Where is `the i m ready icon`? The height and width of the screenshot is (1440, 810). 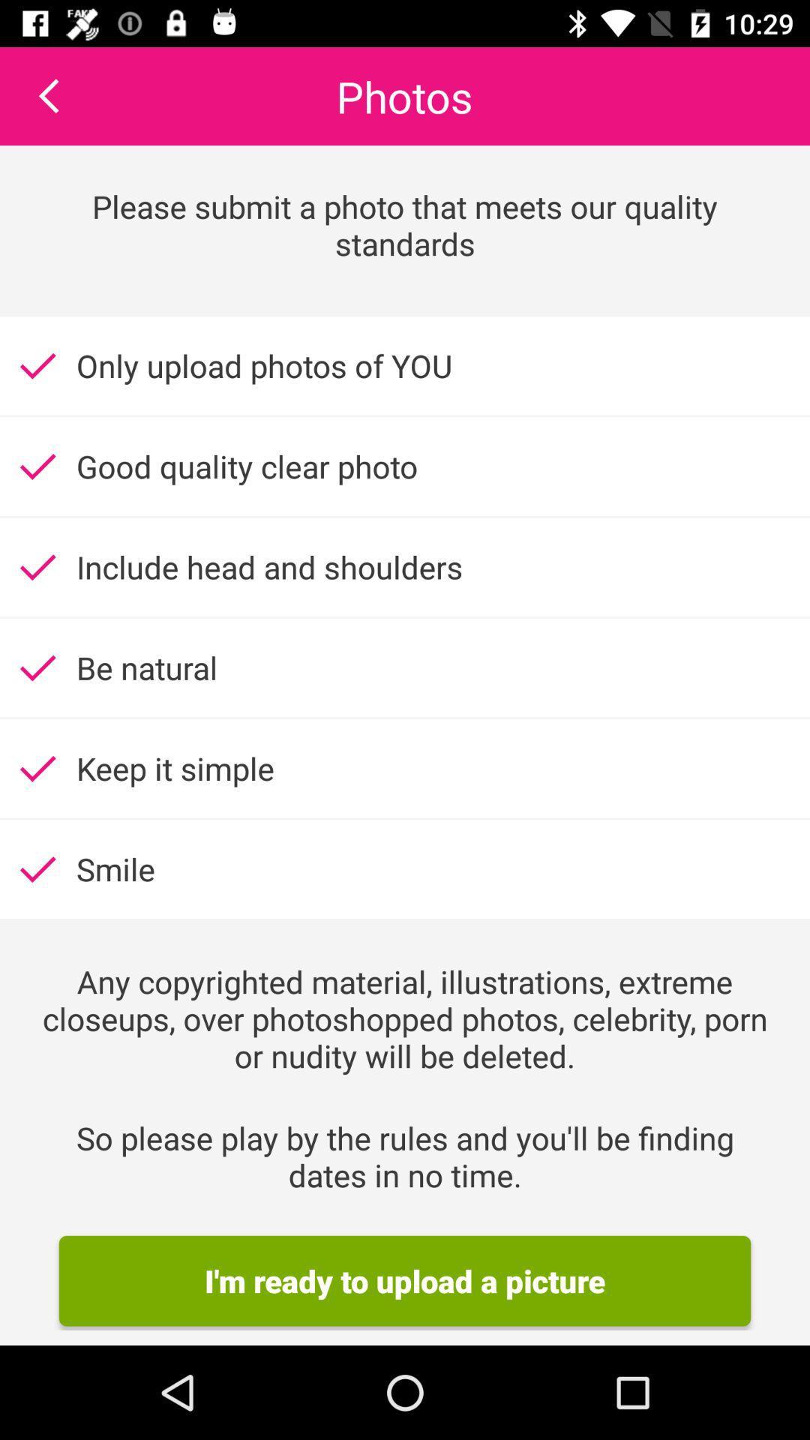 the i m ready icon is located at coordinates (405, 1280).